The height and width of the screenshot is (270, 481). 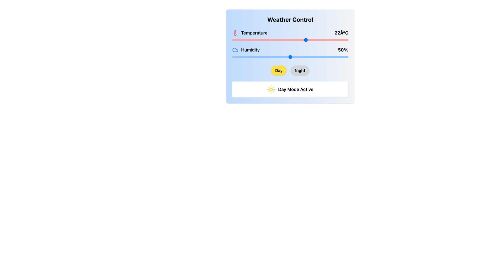 I want to click on the 'Humidity' label that indicates the current metric for user reference, so click(x=246, y=50).